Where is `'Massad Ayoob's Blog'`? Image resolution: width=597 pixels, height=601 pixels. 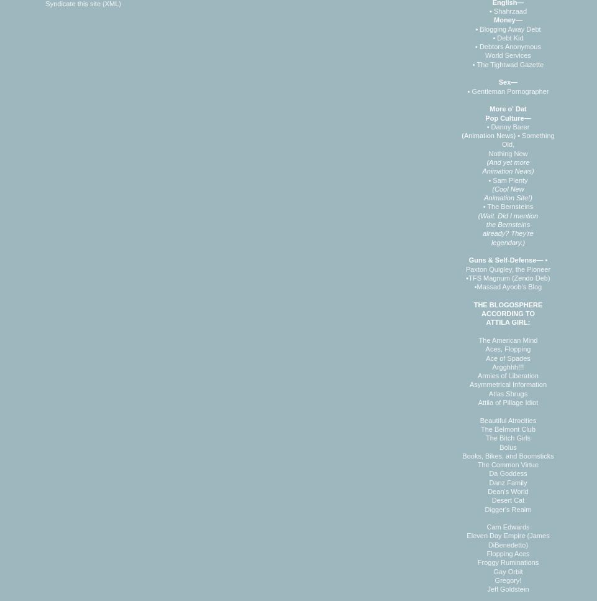
'Massad Ayoob's Blog' is located at coordinates (509, 286).